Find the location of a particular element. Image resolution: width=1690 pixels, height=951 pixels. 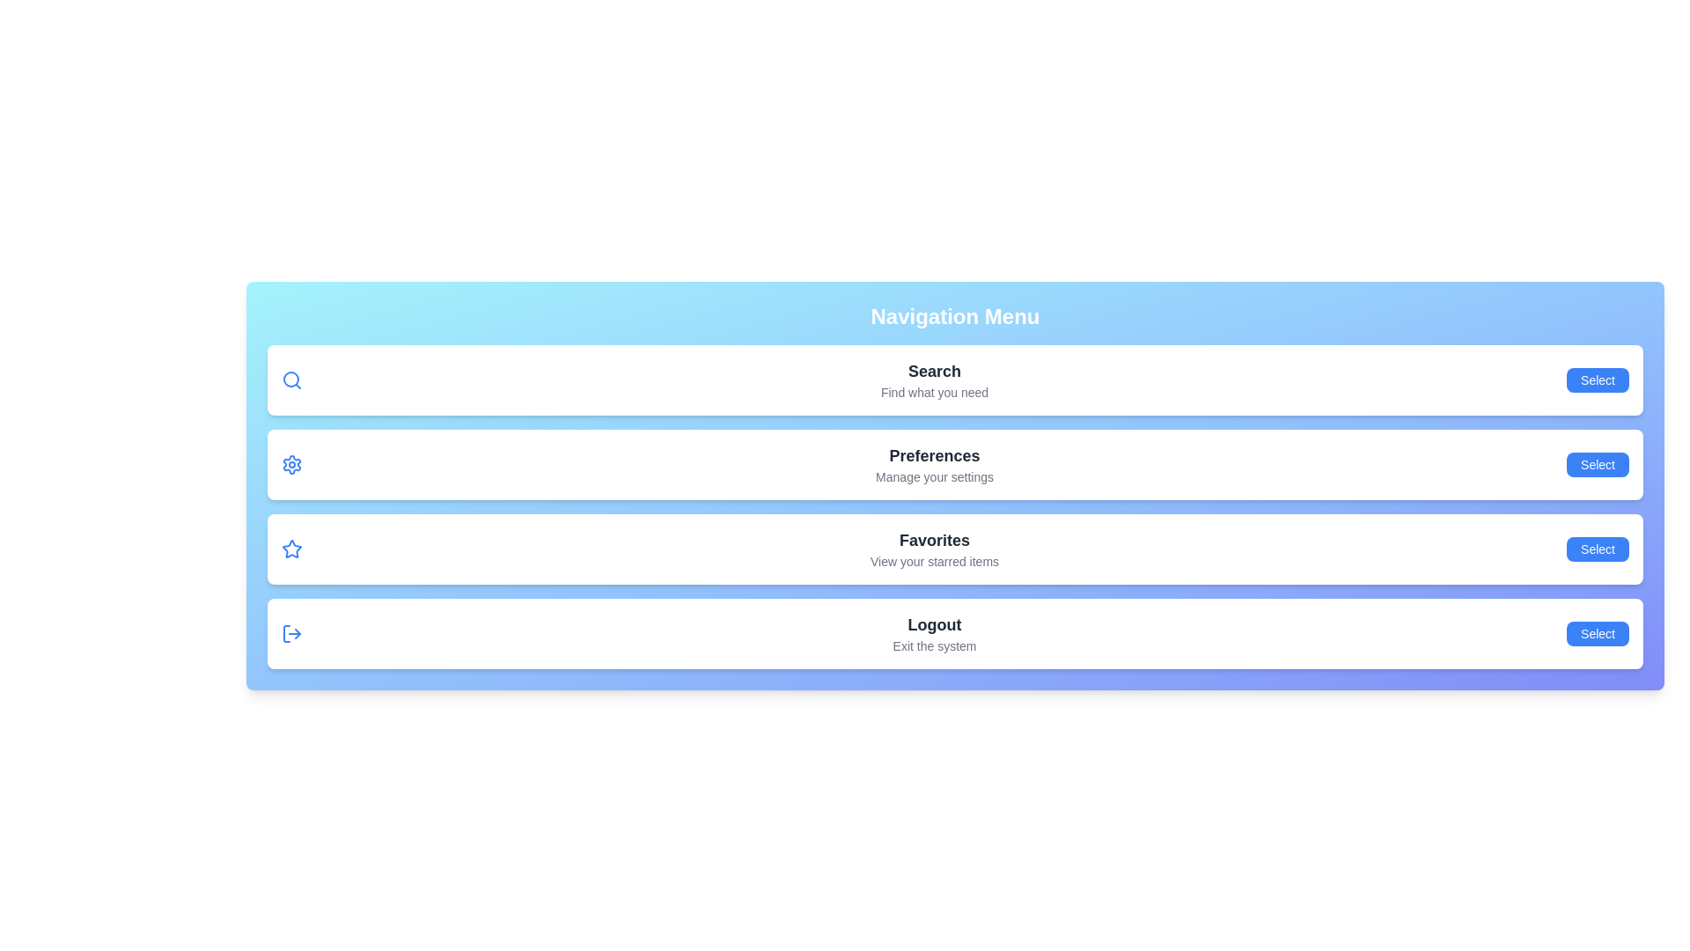

the menu item Logout to observe its hover effect is located at coordinates (954, 634).